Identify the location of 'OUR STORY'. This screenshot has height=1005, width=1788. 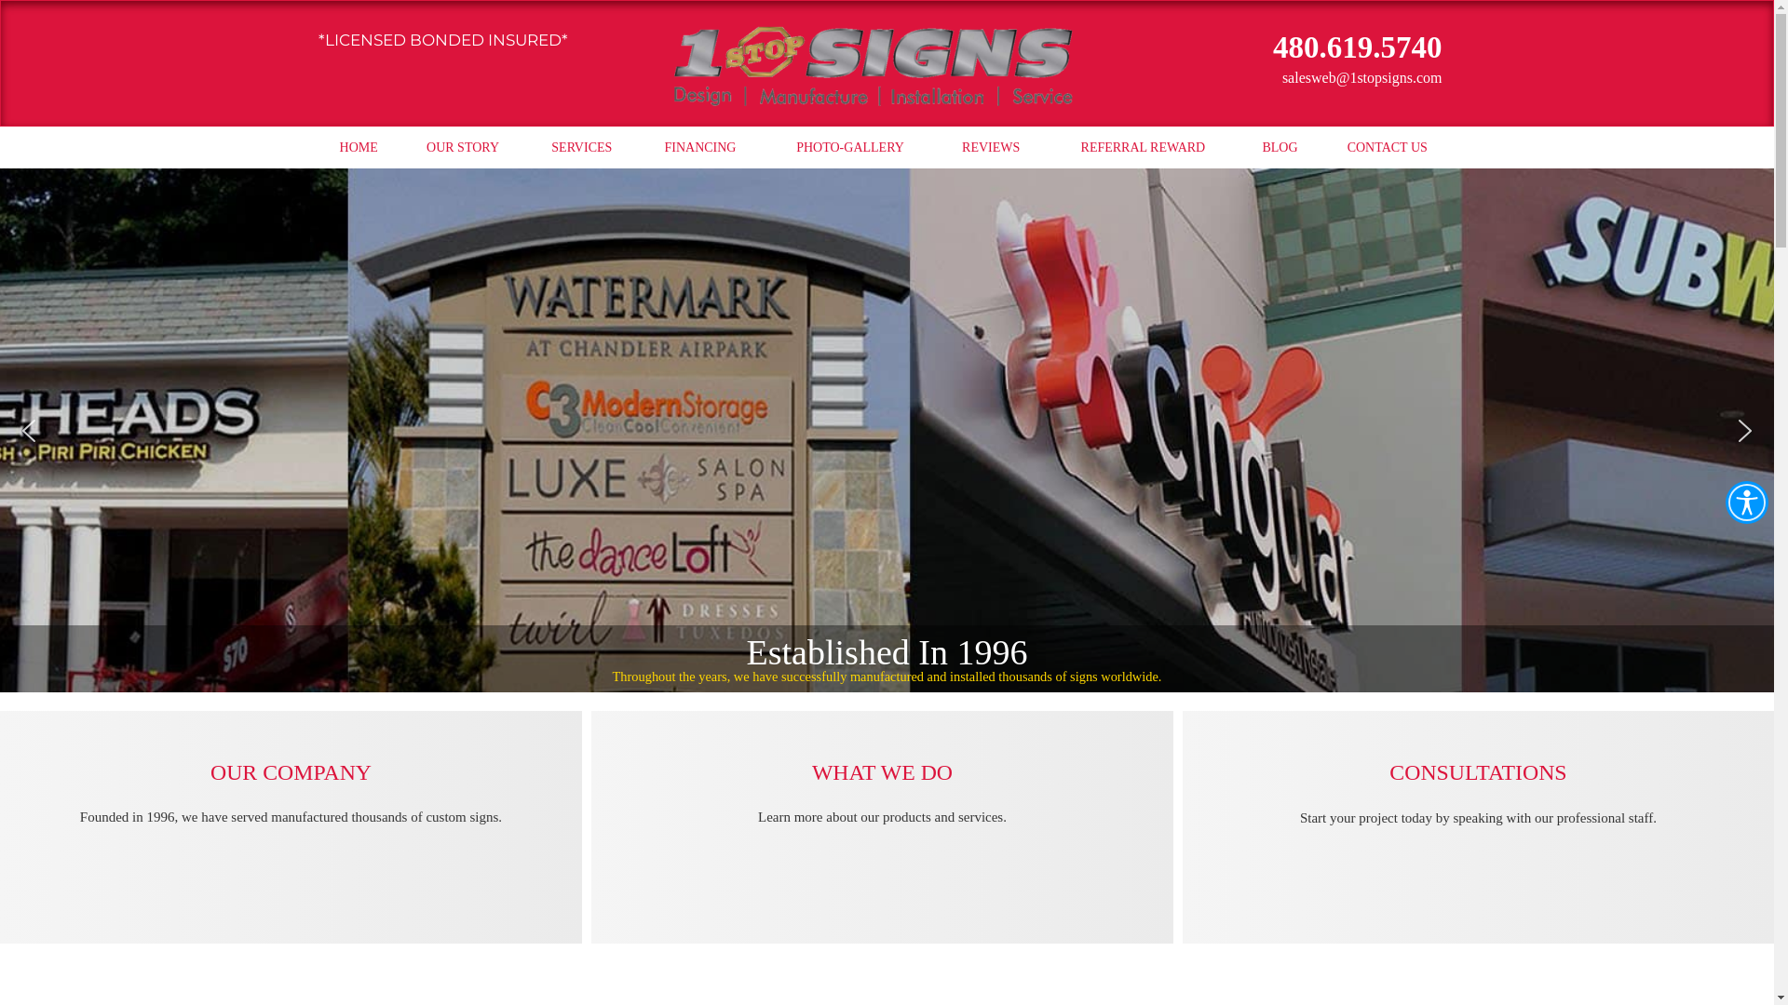
(463, 146).